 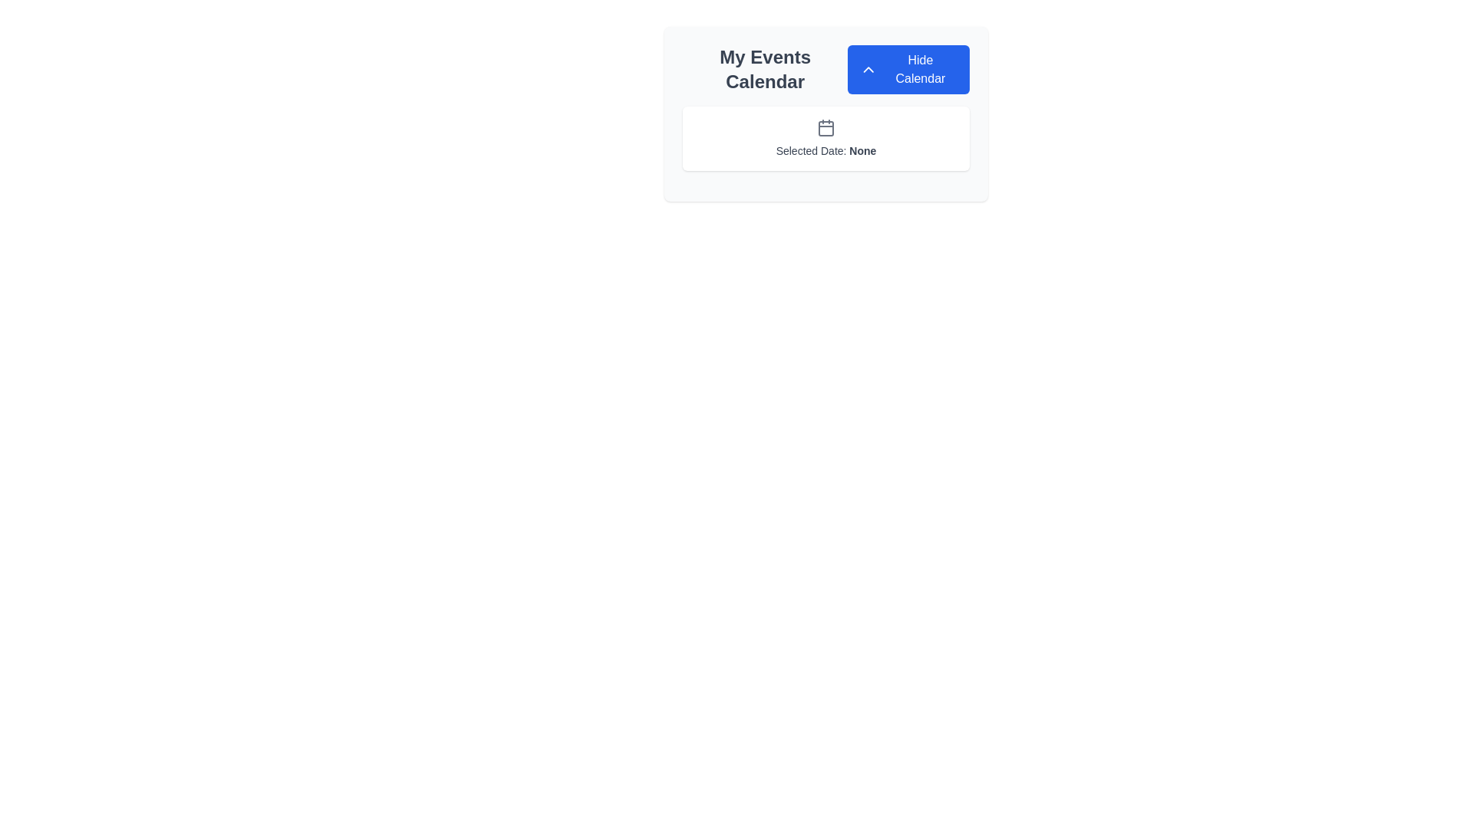 What do you see at coordinates (825, 150) in the screenshot?
I see `the text label displaying 'Selected Date: None', which is styled with a small font size and light gray color, located beneath the calendar icon and the text 'My Events Calendar'` at bounding box center [825, 150].